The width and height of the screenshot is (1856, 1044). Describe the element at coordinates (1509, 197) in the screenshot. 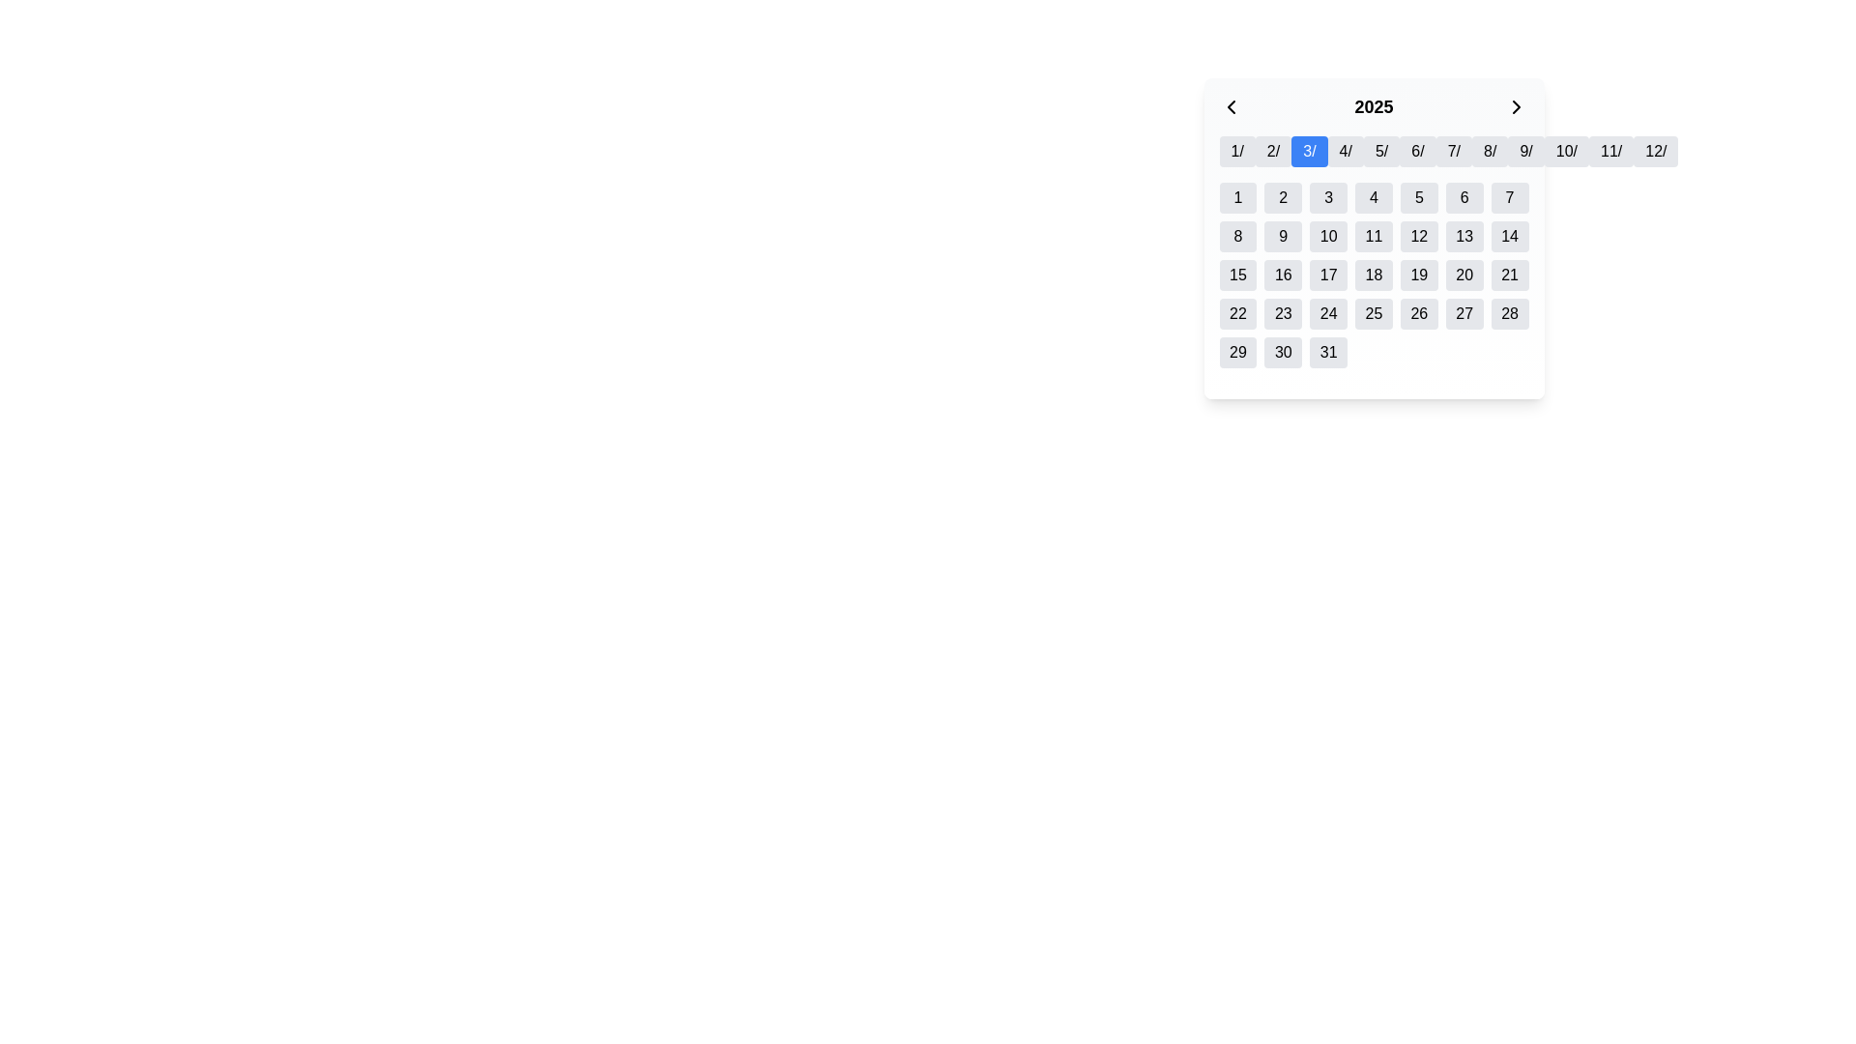

I see `the interactive button representing the date '7' in the calendar` at that location.